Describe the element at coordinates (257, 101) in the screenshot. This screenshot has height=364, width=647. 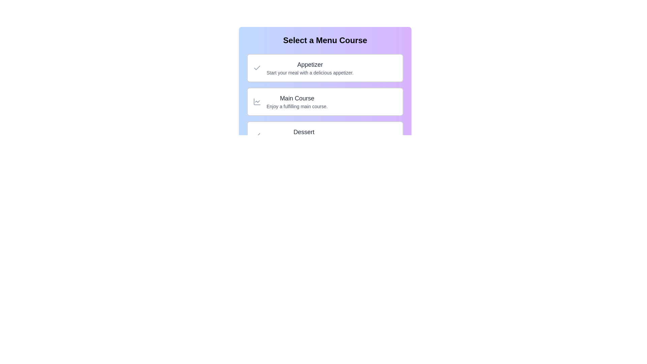
I see `the small gray icon in the second row of the menu course selection panel, which is adjacent to the 'Main Course' text` at that location.